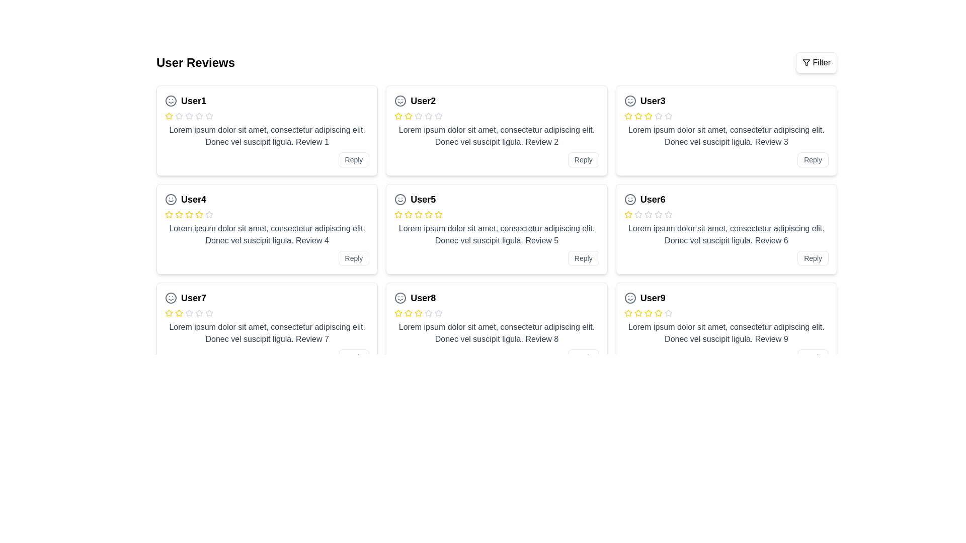 Image resolution: width=966 pixels, height=543 pixels. What do you see at coordinates (497, 229) in the screenshot?
I see `information displayed on the Review Card, which is the second card in the second row of the grid layout, located between the 'User4' card on the left and the 'User6' card on the right` at bounding box center [497, 229].